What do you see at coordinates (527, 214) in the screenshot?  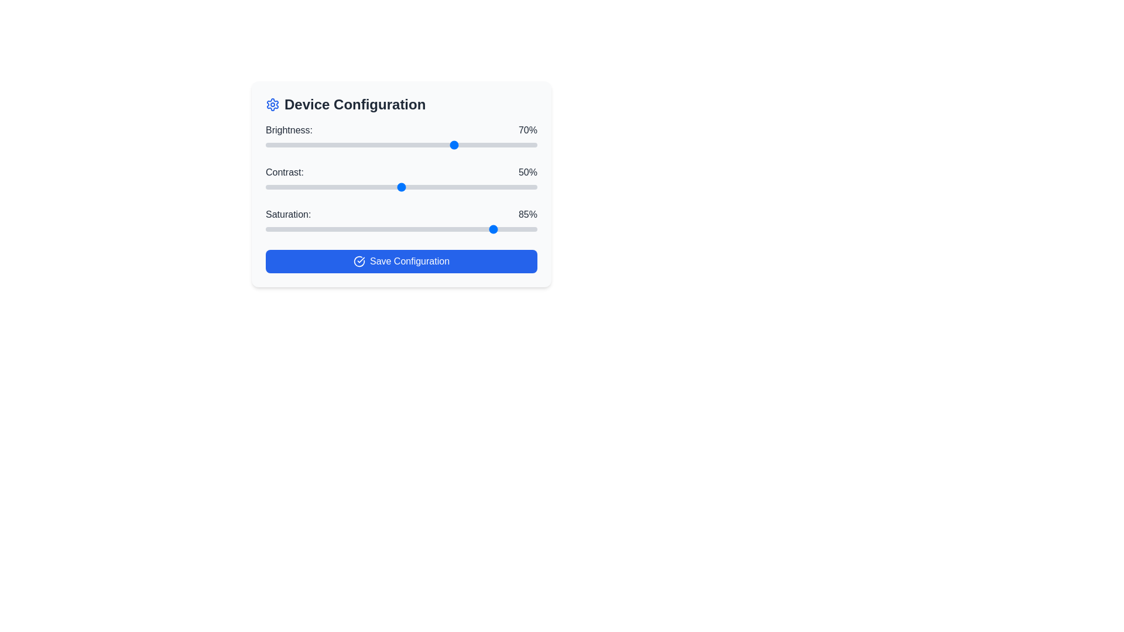 I see `the static text label displaying '85%' which indicates the current level of saturation, positioned to the right of the label 'Saturation:' and above a slider component` at bounding box center [527, 214].